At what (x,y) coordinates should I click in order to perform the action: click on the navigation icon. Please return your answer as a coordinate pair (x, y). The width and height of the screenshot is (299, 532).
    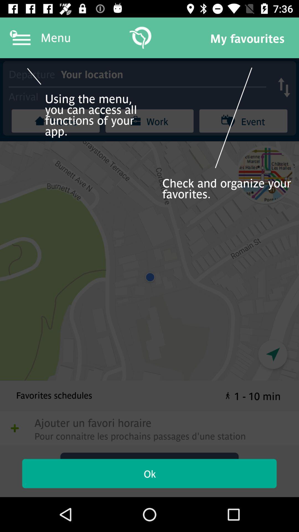
    Looking at the image, I should click on (272, 354).